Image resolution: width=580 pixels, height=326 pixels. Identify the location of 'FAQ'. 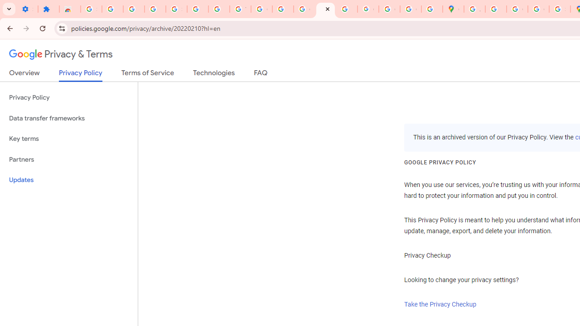
(261, 74).